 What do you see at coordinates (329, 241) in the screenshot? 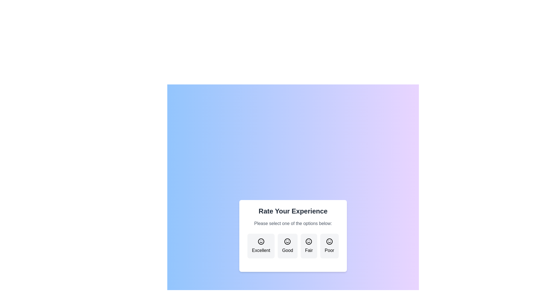
I see `the SVG circle element at the center of the 'Poor' smiley face icon in the rating interface` at bounding box center [329, 241].